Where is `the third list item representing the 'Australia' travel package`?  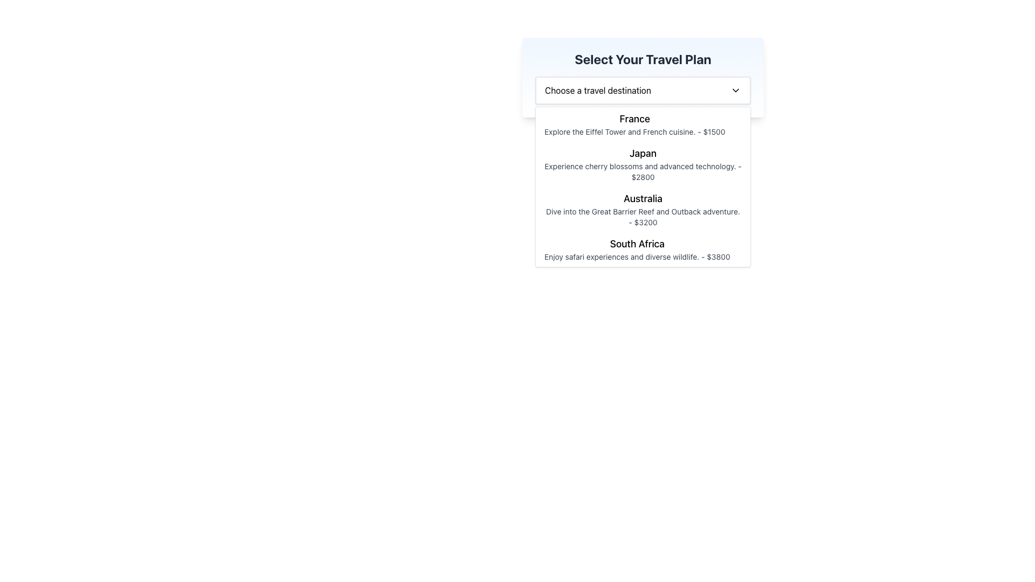 the third list item representing the 'Australia' travel package is located at coordinates (643, 210).